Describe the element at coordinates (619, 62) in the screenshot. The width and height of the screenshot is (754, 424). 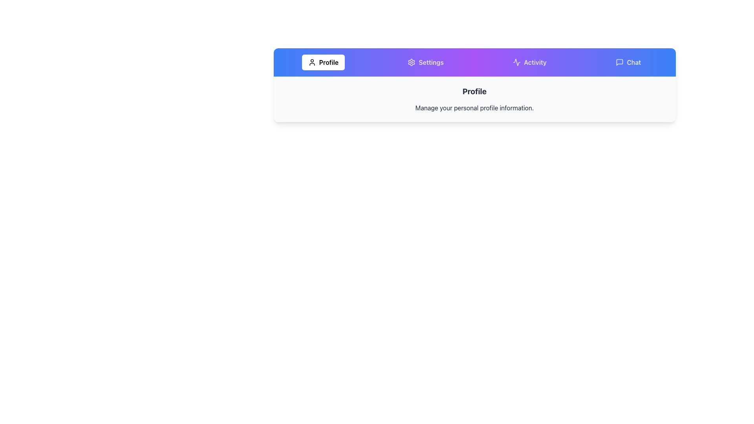
I see `the SVG-based chat icon resembling a speech bubble located at the far-right end of the application header bar` at that location.